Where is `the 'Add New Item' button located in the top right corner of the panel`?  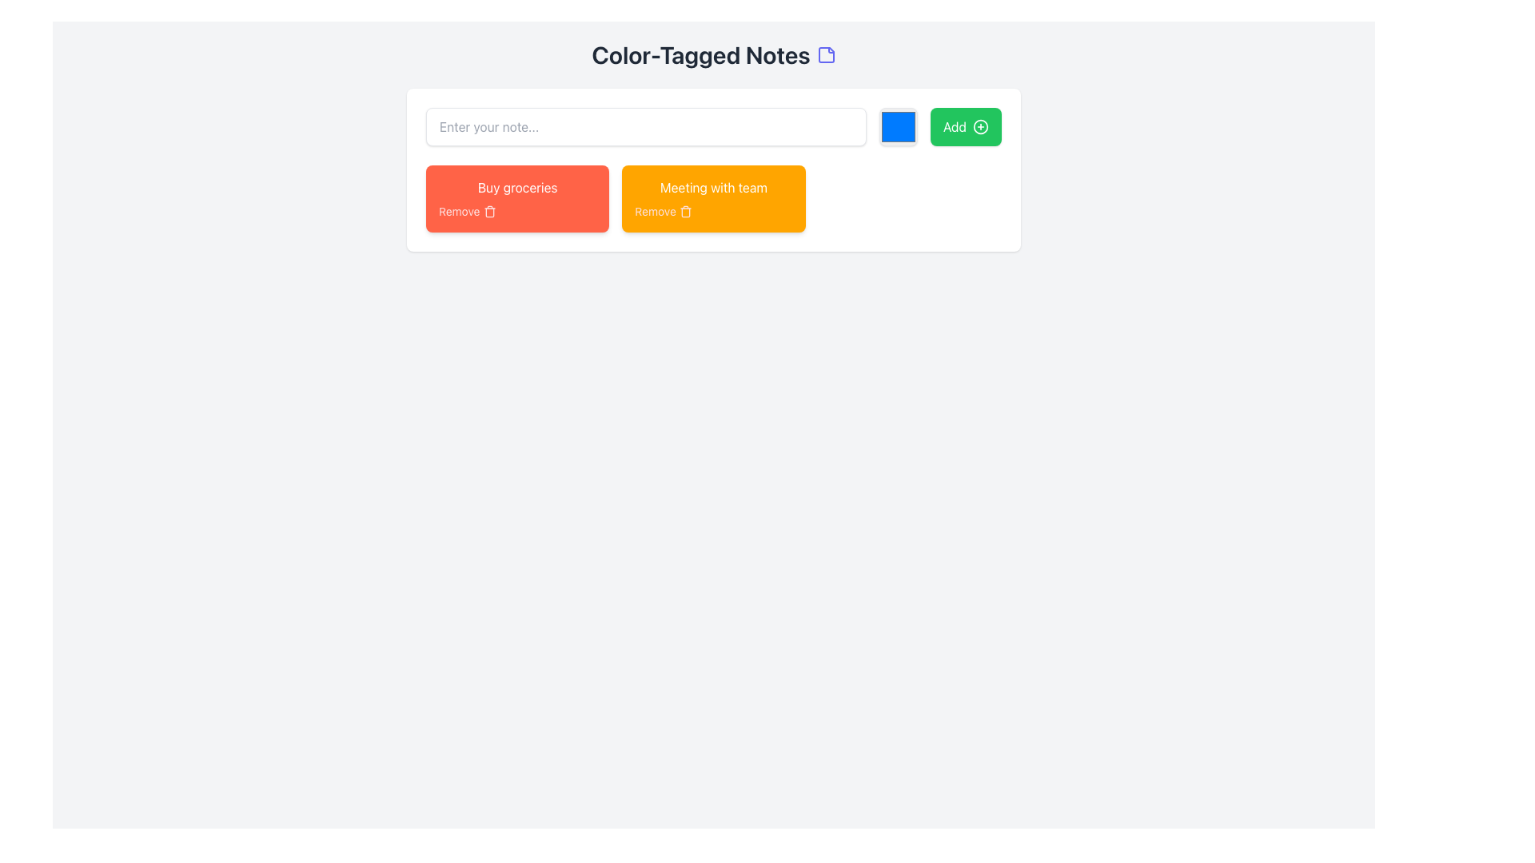
the 'Add New Item' button located in the top right corner of the panel is located at coordinates (965, 125).